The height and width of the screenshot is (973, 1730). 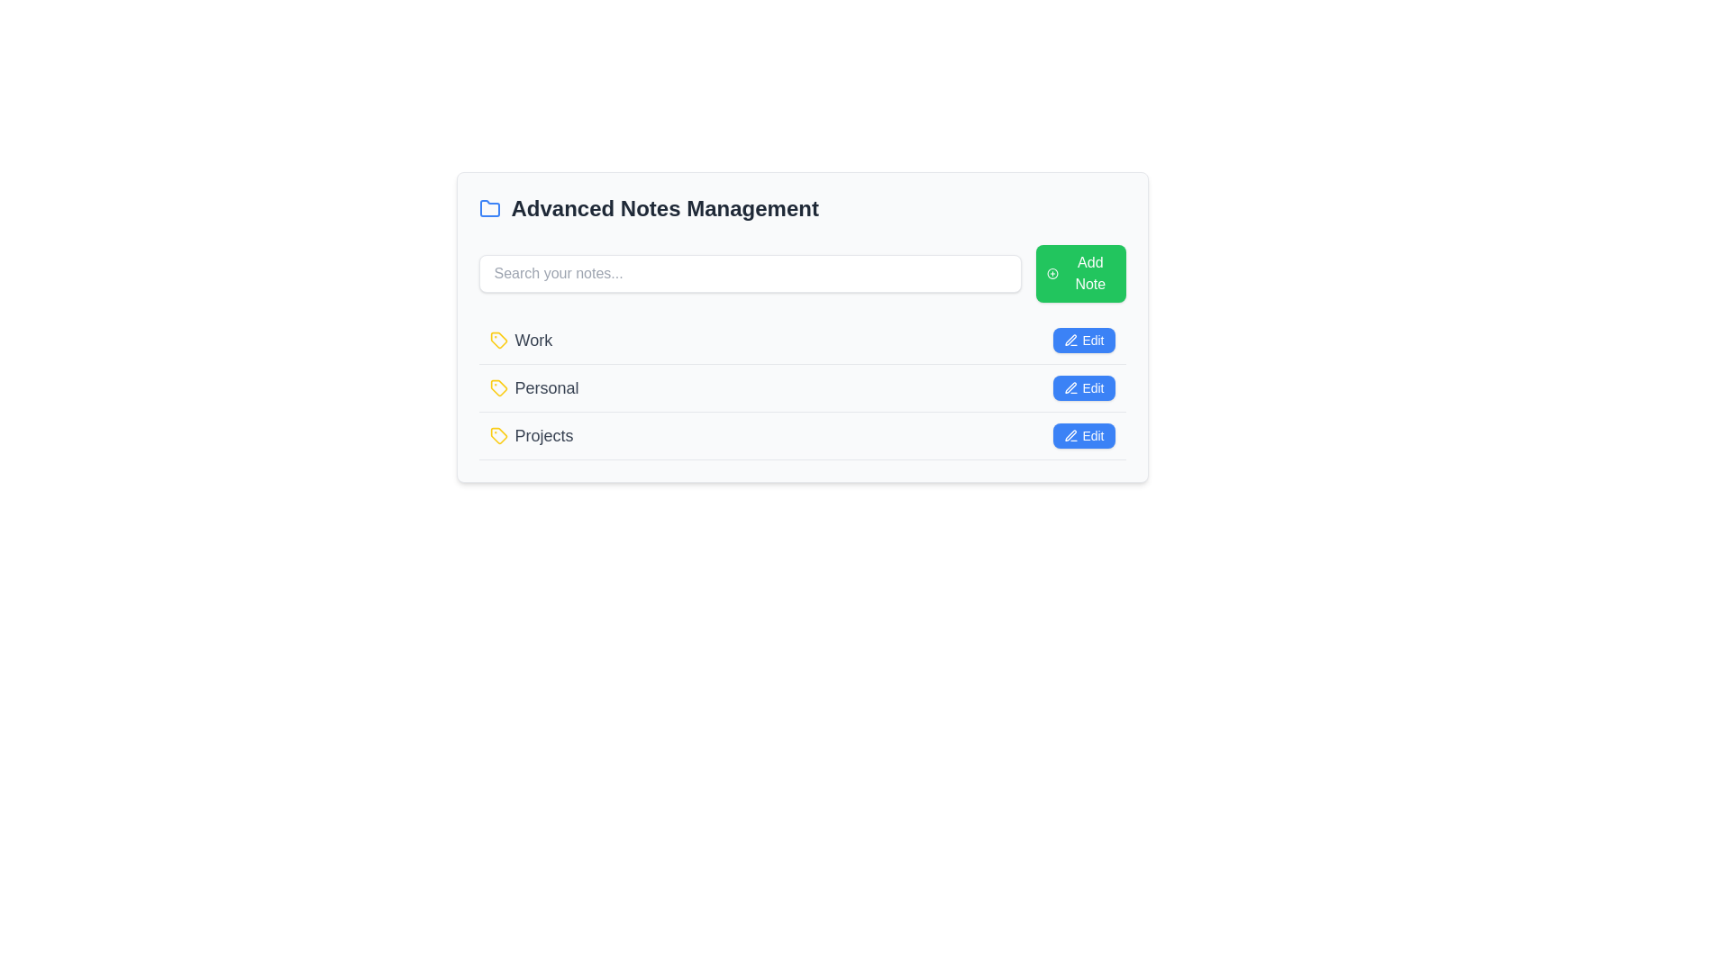 What do you see at coordinates (520, 341) in the screenshot?
I see `the 'Work' text label that features a yellow tag-shaped icon, positioned as the first entry in a list under 'Advanced Notes Management'` at bounding box center [520, 341].